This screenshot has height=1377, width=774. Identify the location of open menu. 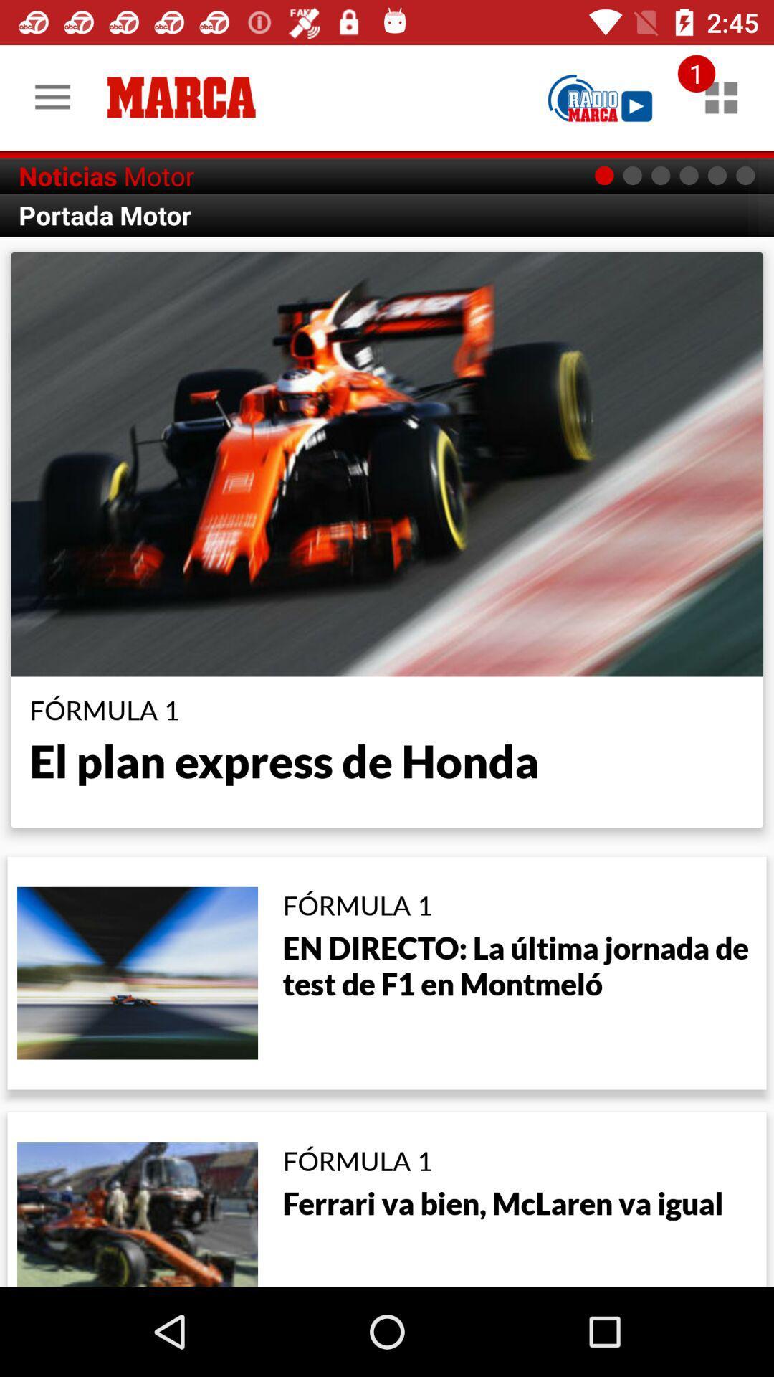
(721, 97).